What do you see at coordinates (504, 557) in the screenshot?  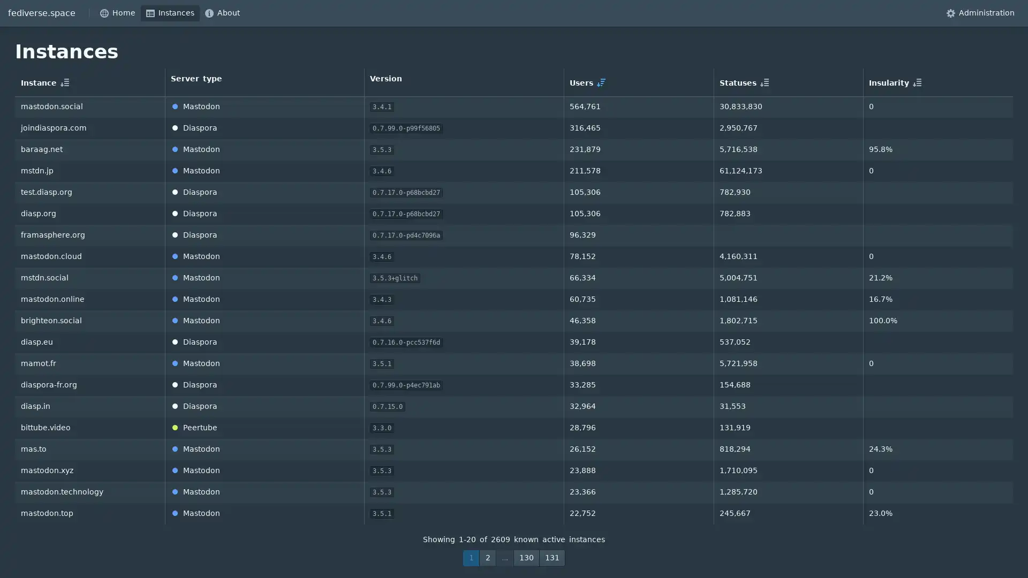 I see `...` at bounding box center [504, 557].